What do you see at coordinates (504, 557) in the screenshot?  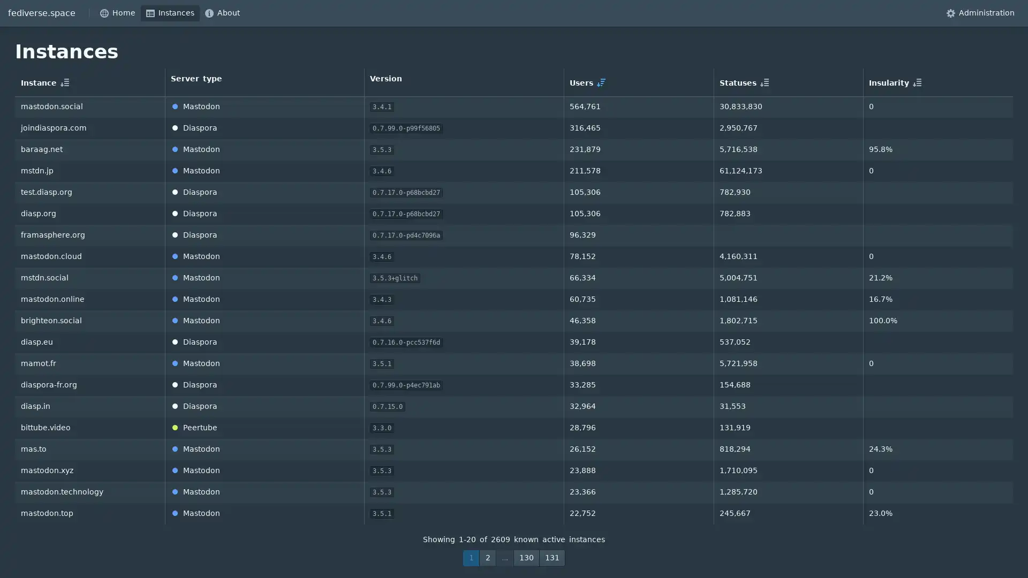 I see `...` at bounding box center [504, 557].